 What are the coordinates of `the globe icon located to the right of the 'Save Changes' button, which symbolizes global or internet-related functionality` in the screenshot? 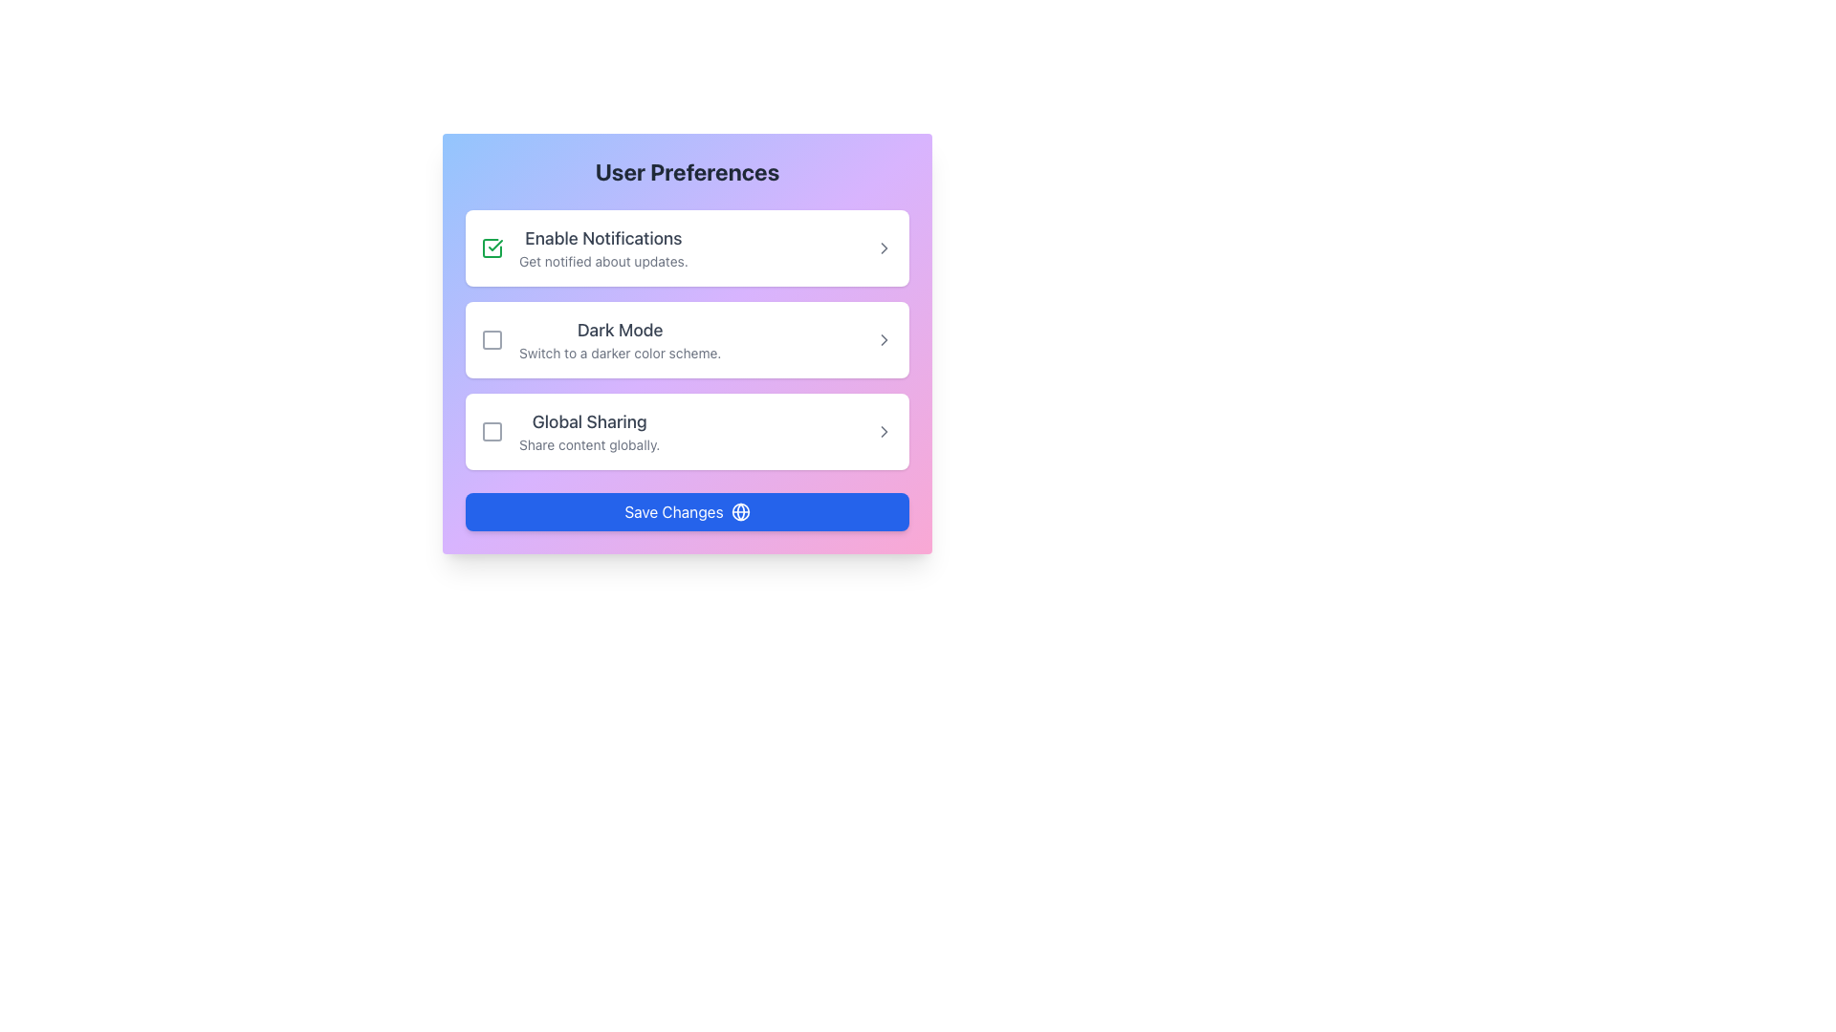 It's located at (739, 511).